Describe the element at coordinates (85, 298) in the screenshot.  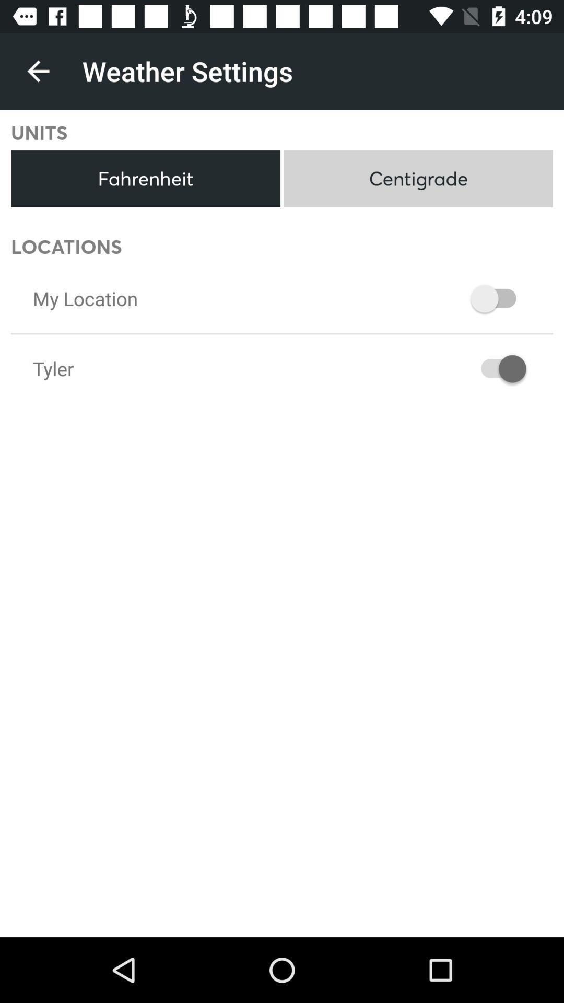
I see `my location` at that location.